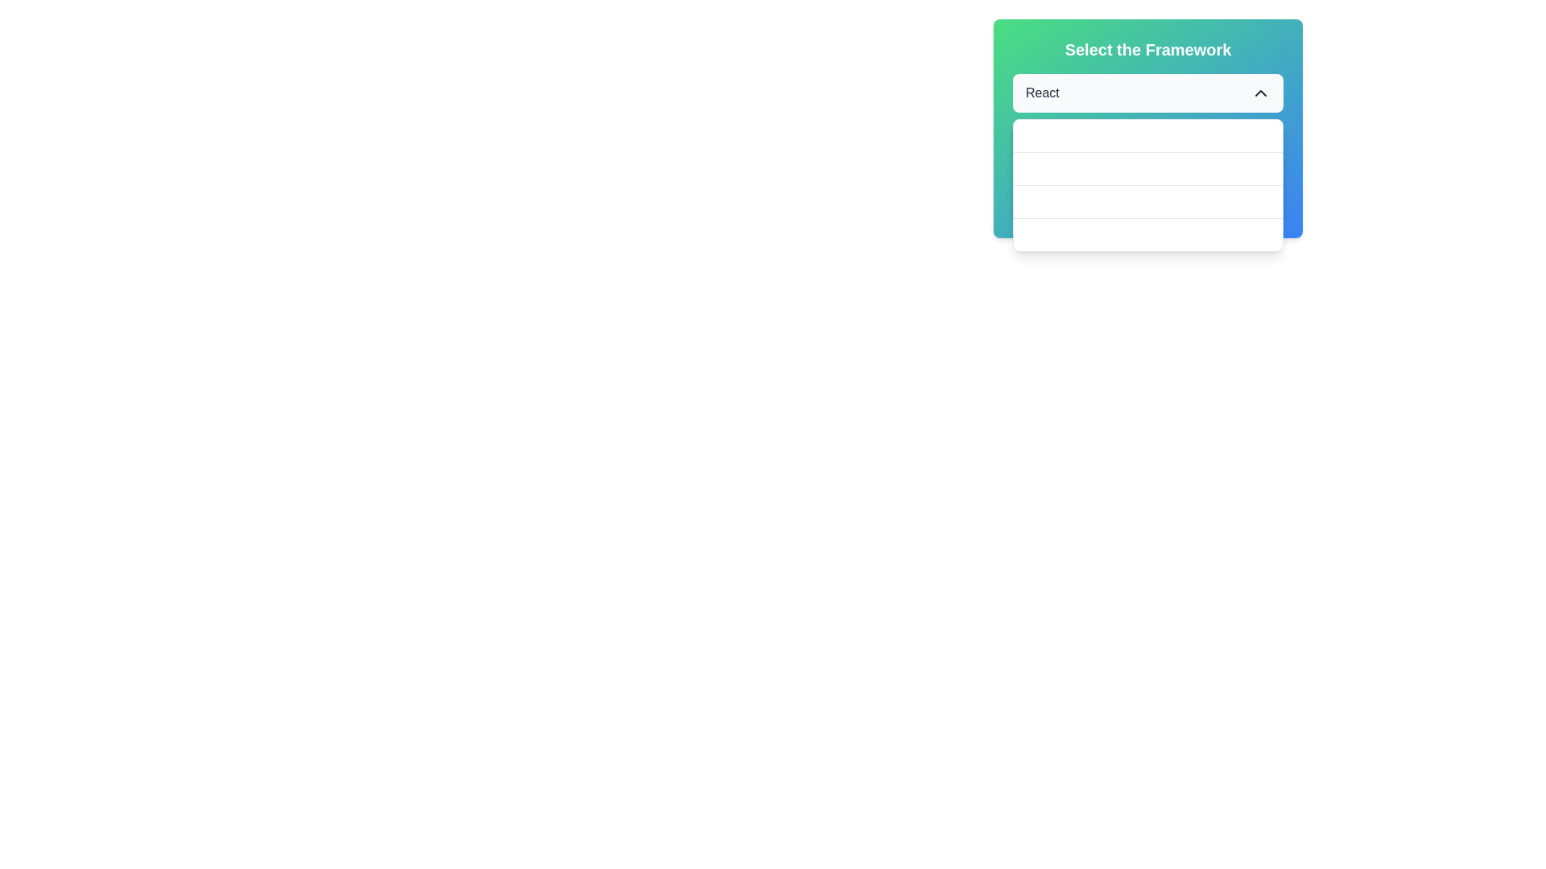 This screenshot has width=1546, height=869. What do you see at coordinates (1259, 93) in the screenshot?
I see `the icon located near the top-right corner of the dropdown menu, to the right of the 'React' label` at bounding box center [1259, 93].